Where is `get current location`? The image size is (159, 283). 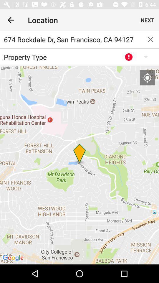 get current location is located at coordinates (147, 77).